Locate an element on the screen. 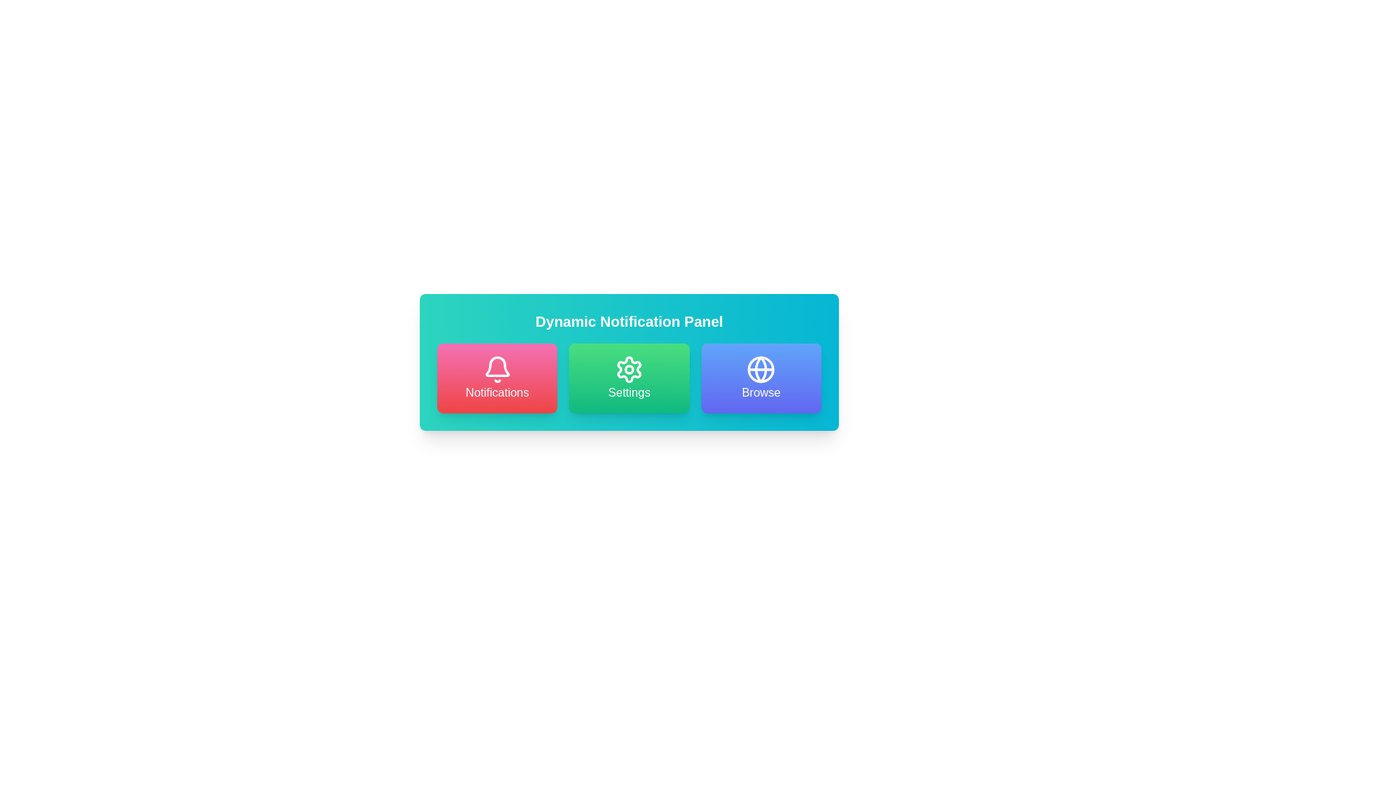  the notifications icon located inside the 'Notifications' button, positioned to the left among three horizontally aligned buttons at the center of the interface panel is located at coordinates (497, 365).